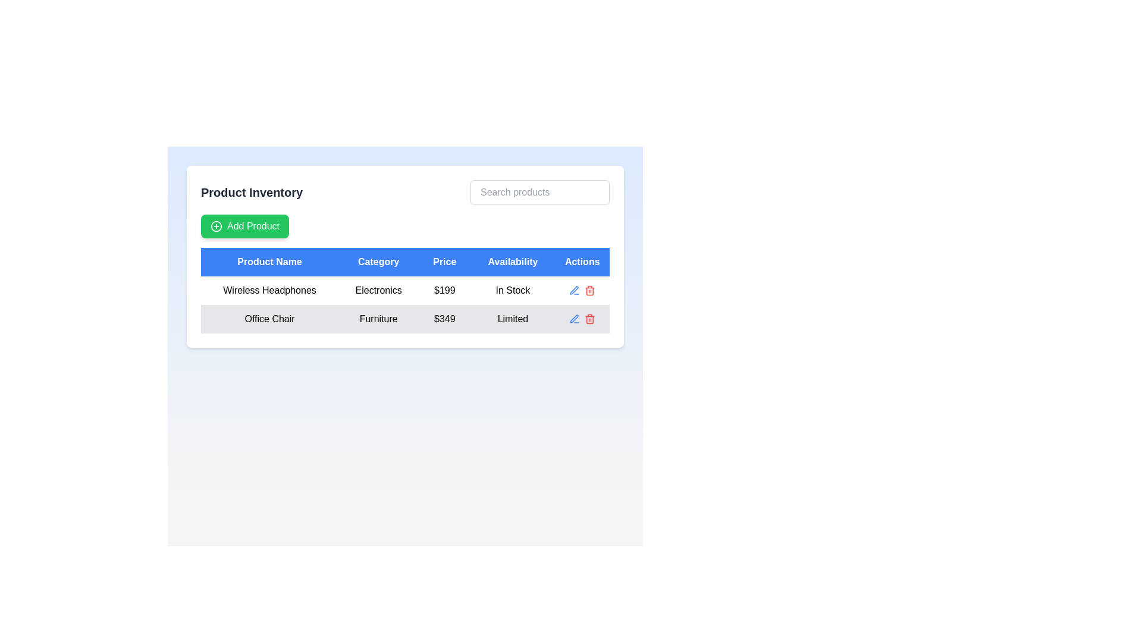  Describe the element at coordinates (405, 291) in the screenshot. I see `the first table row displaying product information for 'Wireless Headphones'` at that location.